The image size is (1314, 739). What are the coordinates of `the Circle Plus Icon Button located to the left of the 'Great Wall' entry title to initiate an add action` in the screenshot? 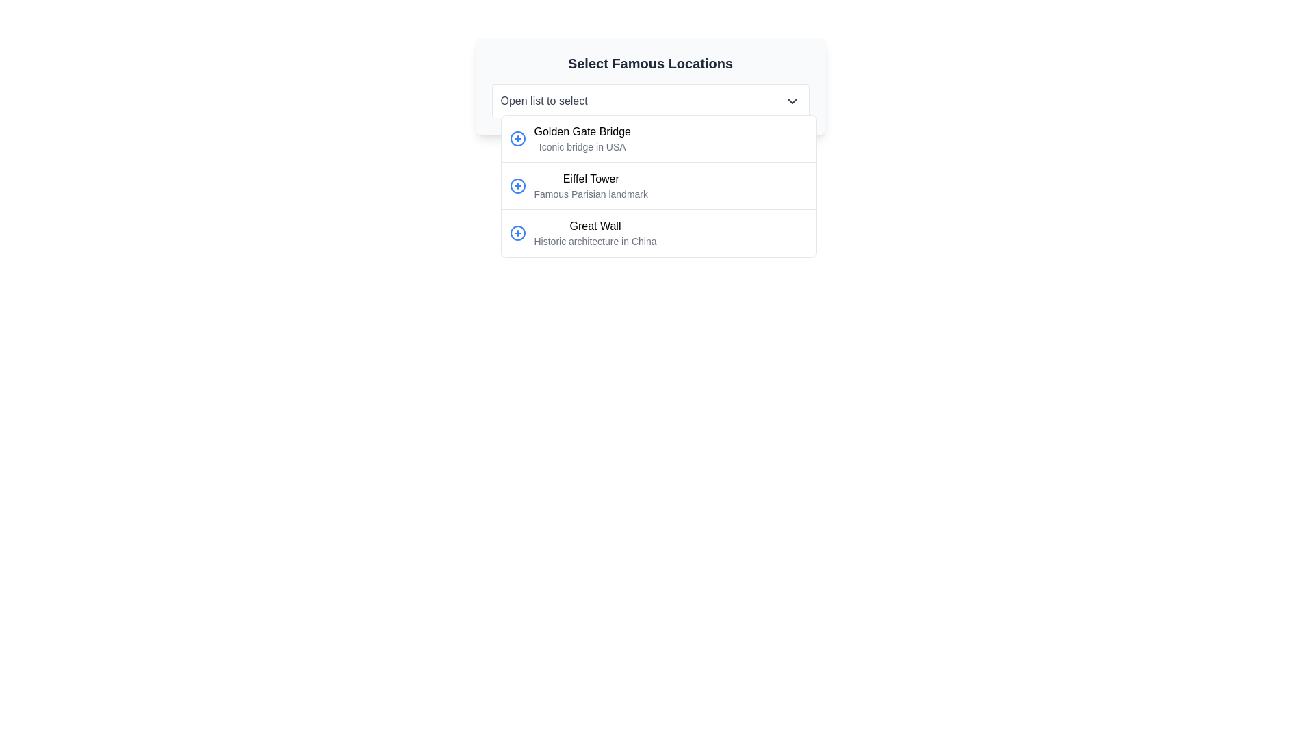 It's located at (517, 232).